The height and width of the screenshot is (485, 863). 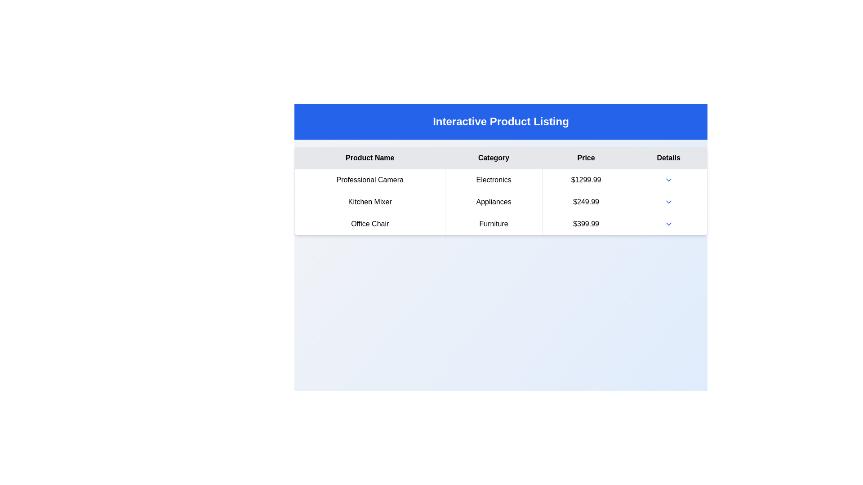 What do you see at coordinates (370, 157) in the screenshot?
I see `the 'Product Name' table header, which is the left-most column header in a data table with a light gray background and bold black text` at bounding box center [370, 157].